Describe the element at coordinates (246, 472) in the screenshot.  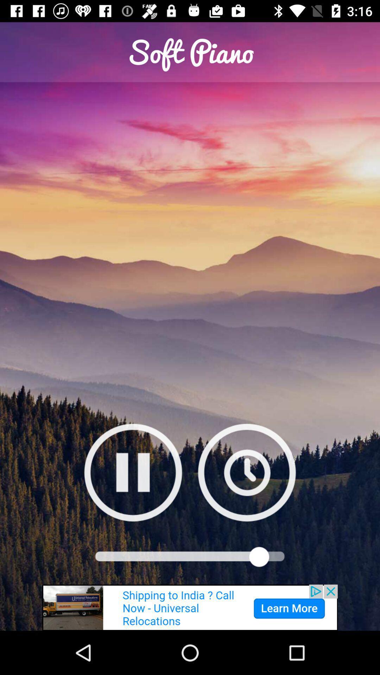
I see `set timer` at that location.